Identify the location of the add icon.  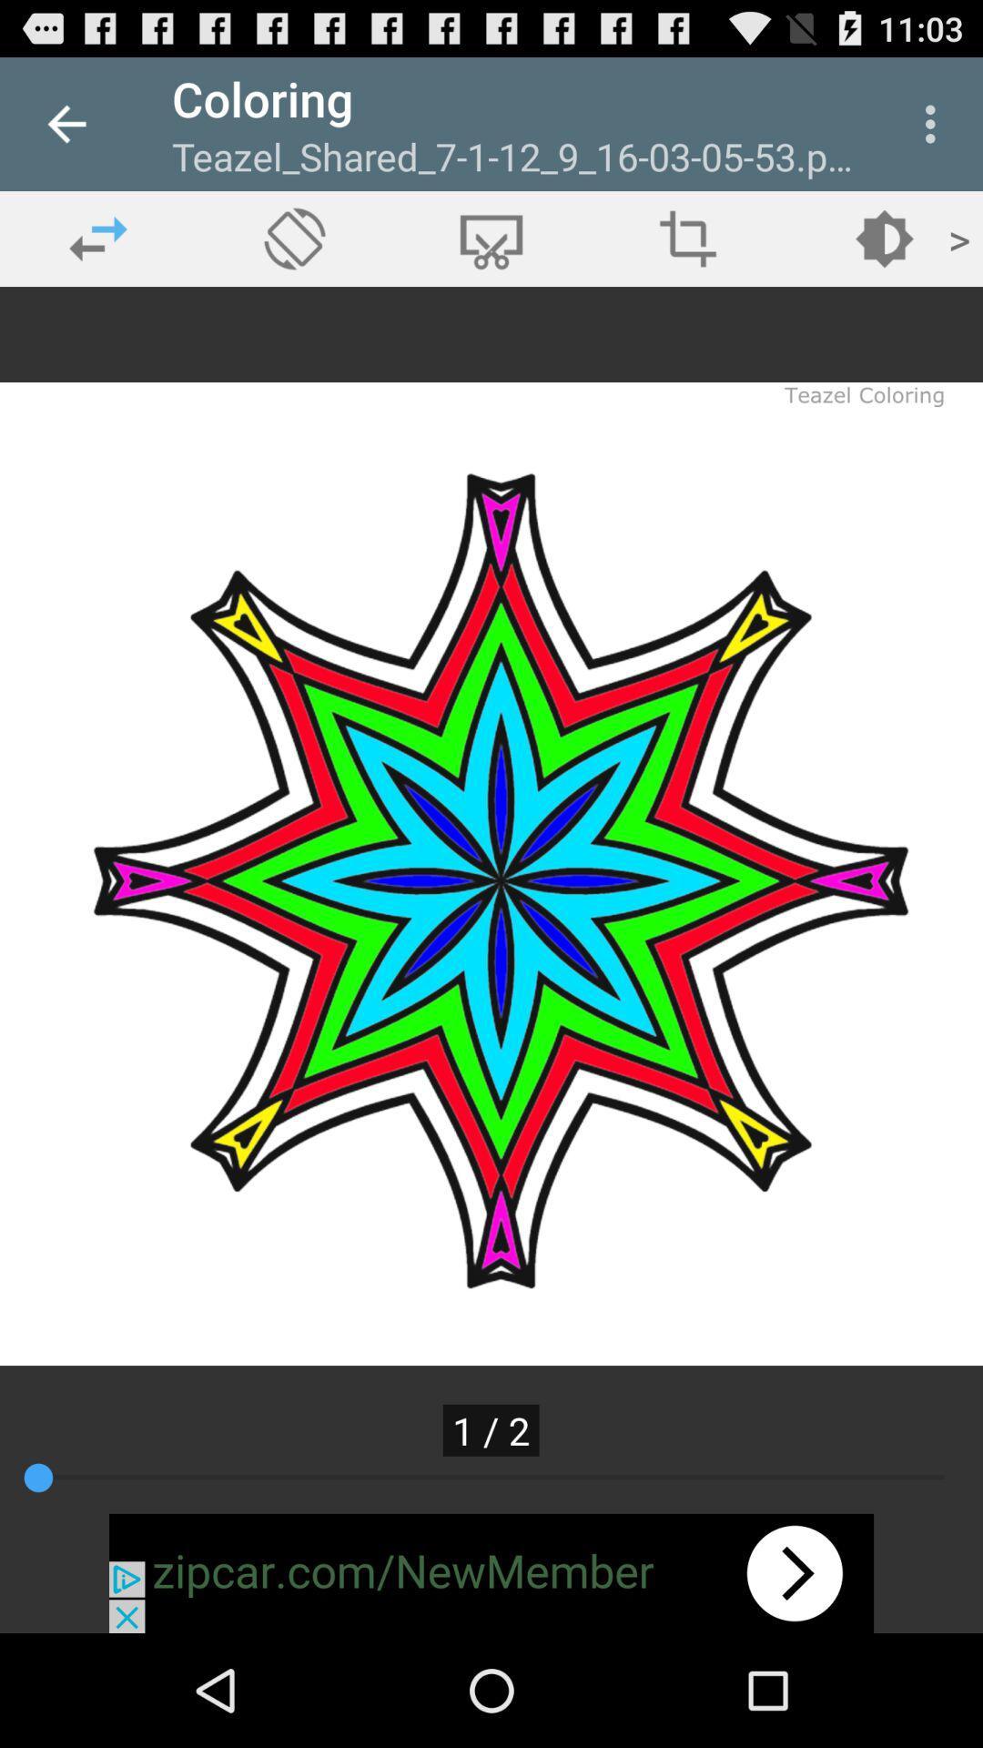
(688, 238).